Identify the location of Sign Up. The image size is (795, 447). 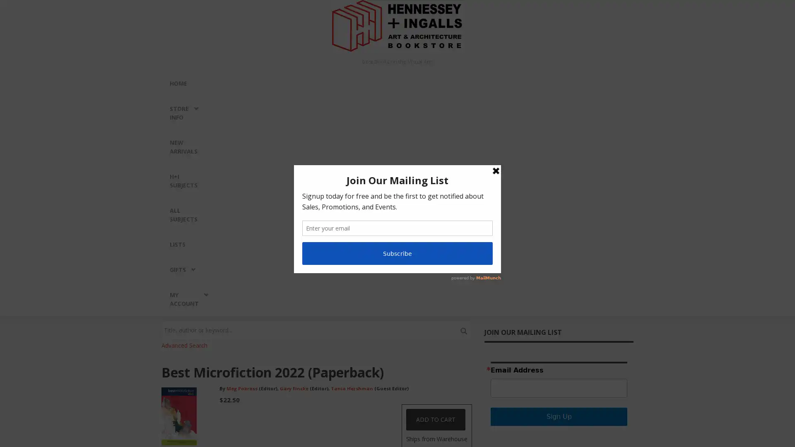
(559, 416).